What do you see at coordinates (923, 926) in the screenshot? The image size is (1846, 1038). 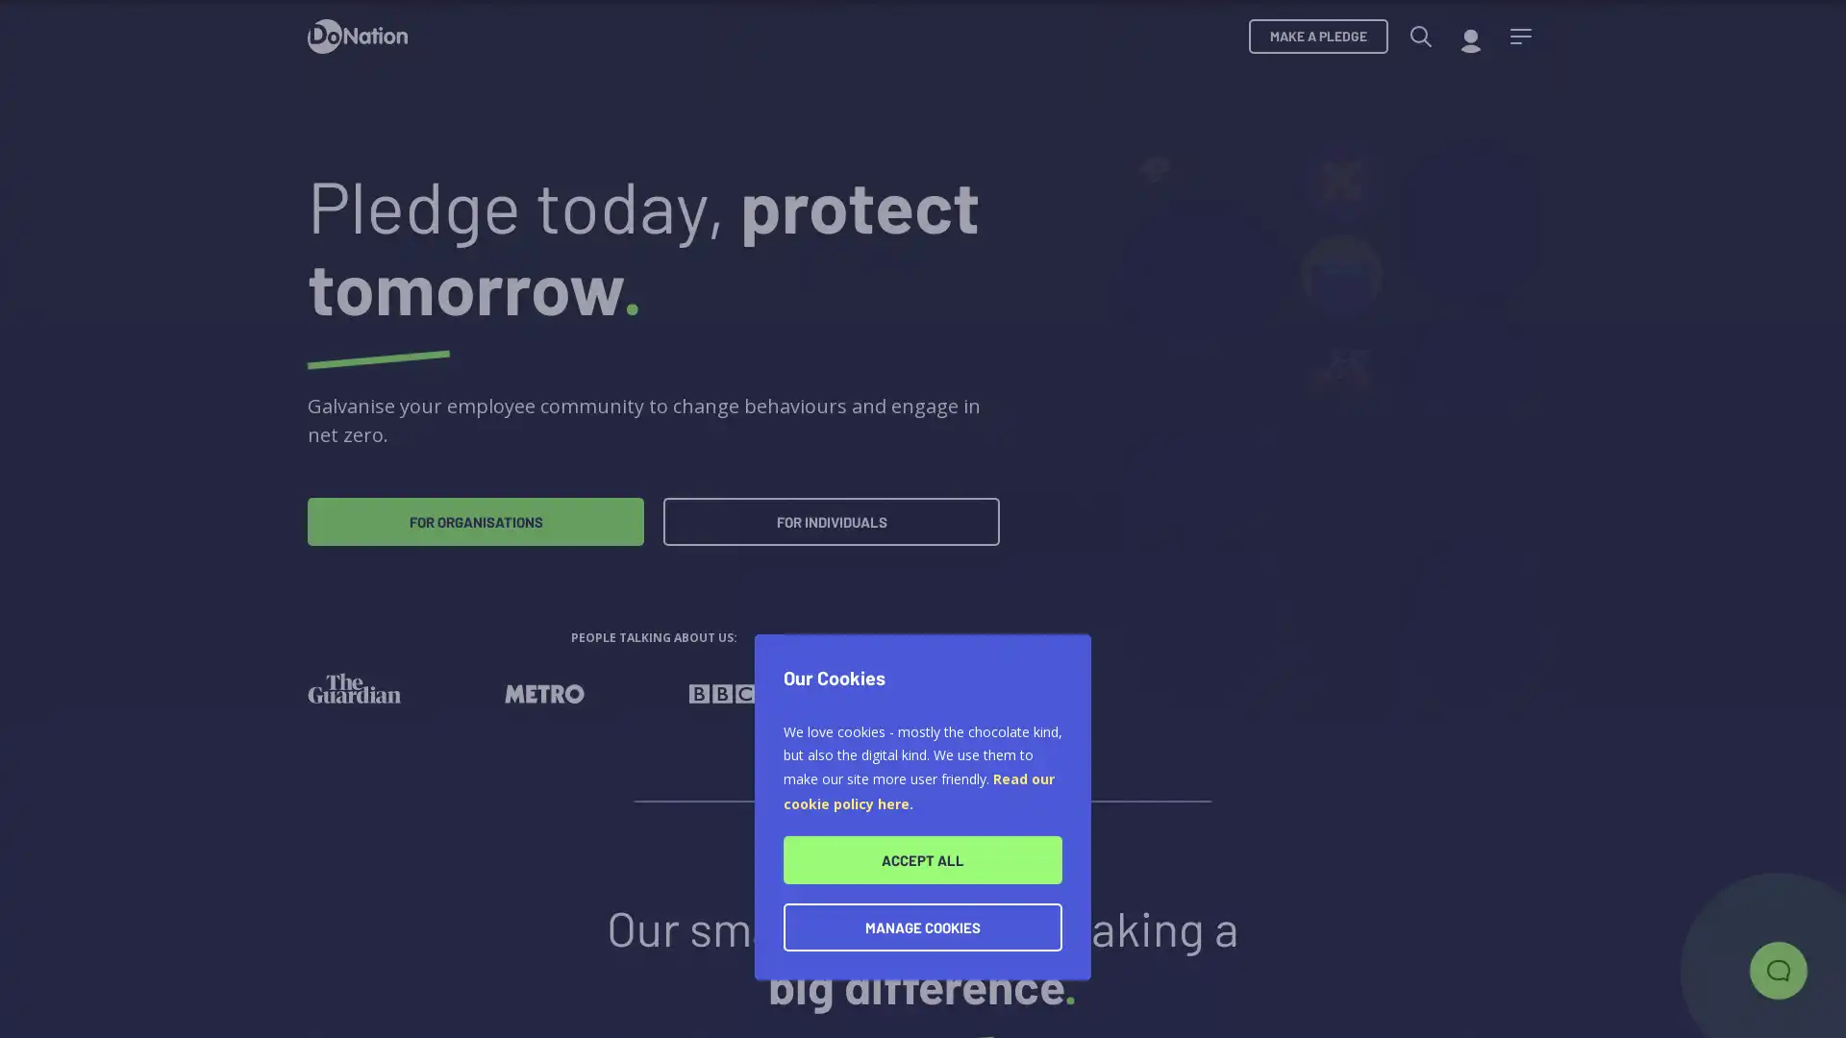 I see `MANAGE COOKIES` at bounding box center [923, 926].